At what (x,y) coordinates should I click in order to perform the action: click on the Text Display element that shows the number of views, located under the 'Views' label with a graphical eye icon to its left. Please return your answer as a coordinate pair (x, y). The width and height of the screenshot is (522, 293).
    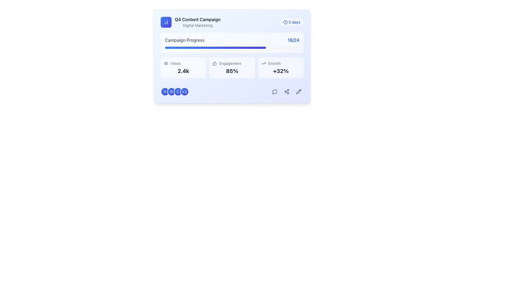
    Looking at the image, I should click on (183, 71).